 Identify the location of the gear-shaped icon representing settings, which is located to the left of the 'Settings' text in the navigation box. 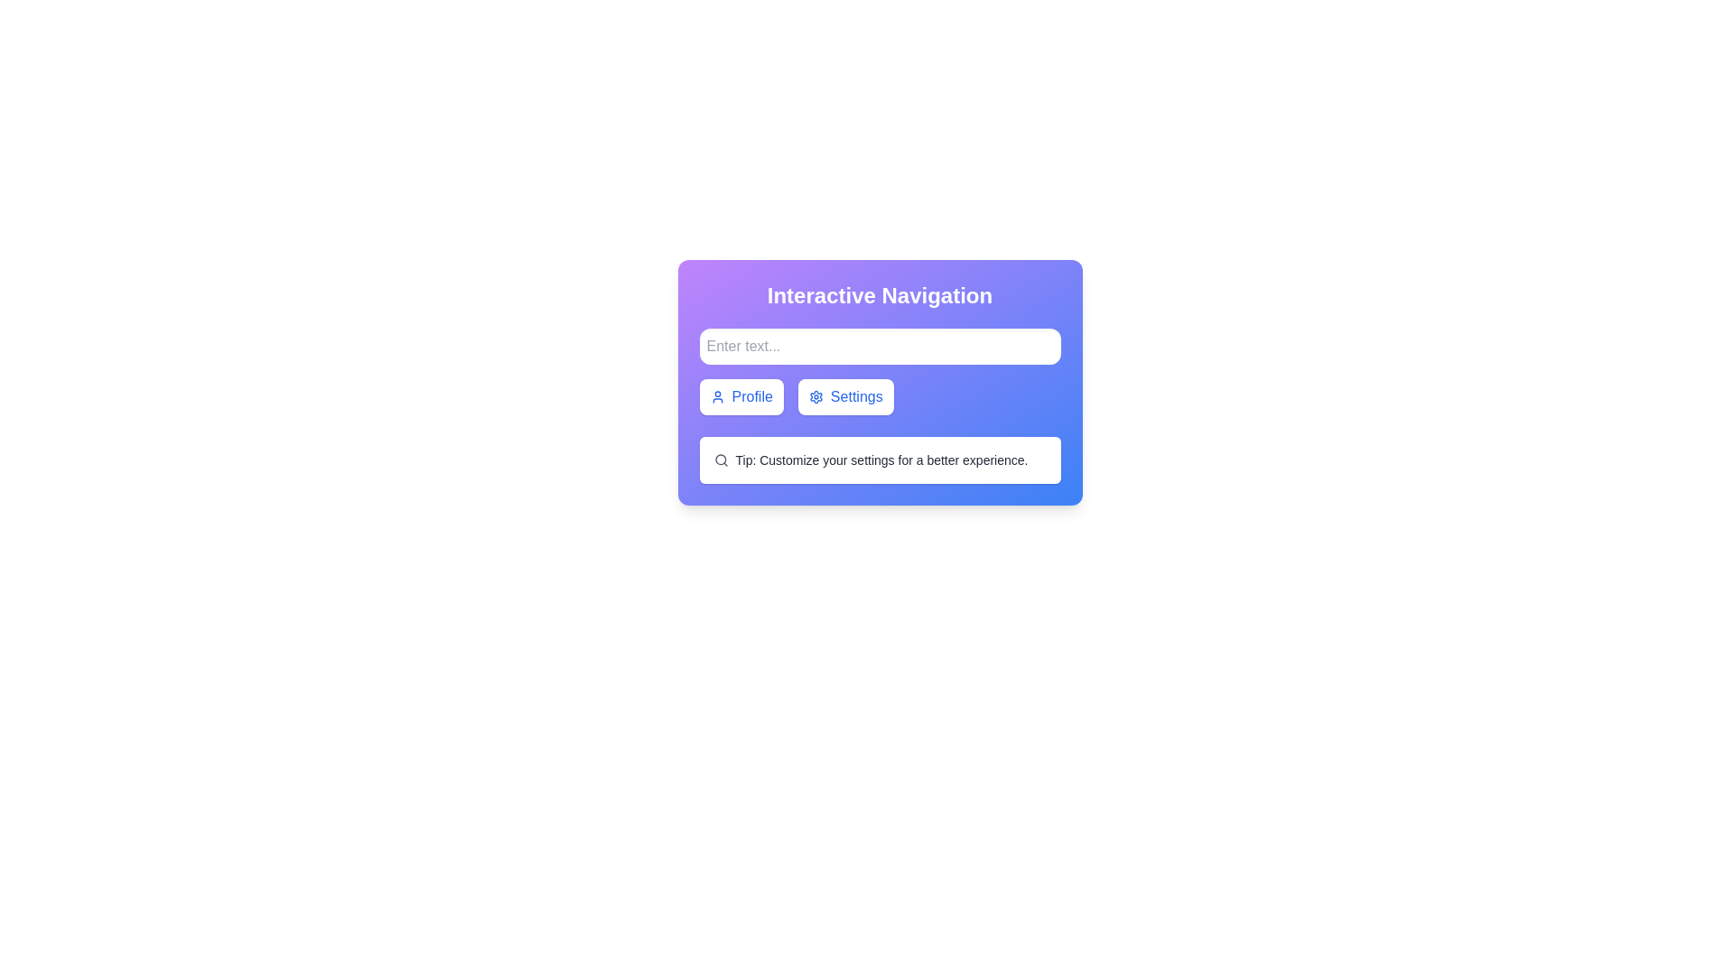
(815, 395).